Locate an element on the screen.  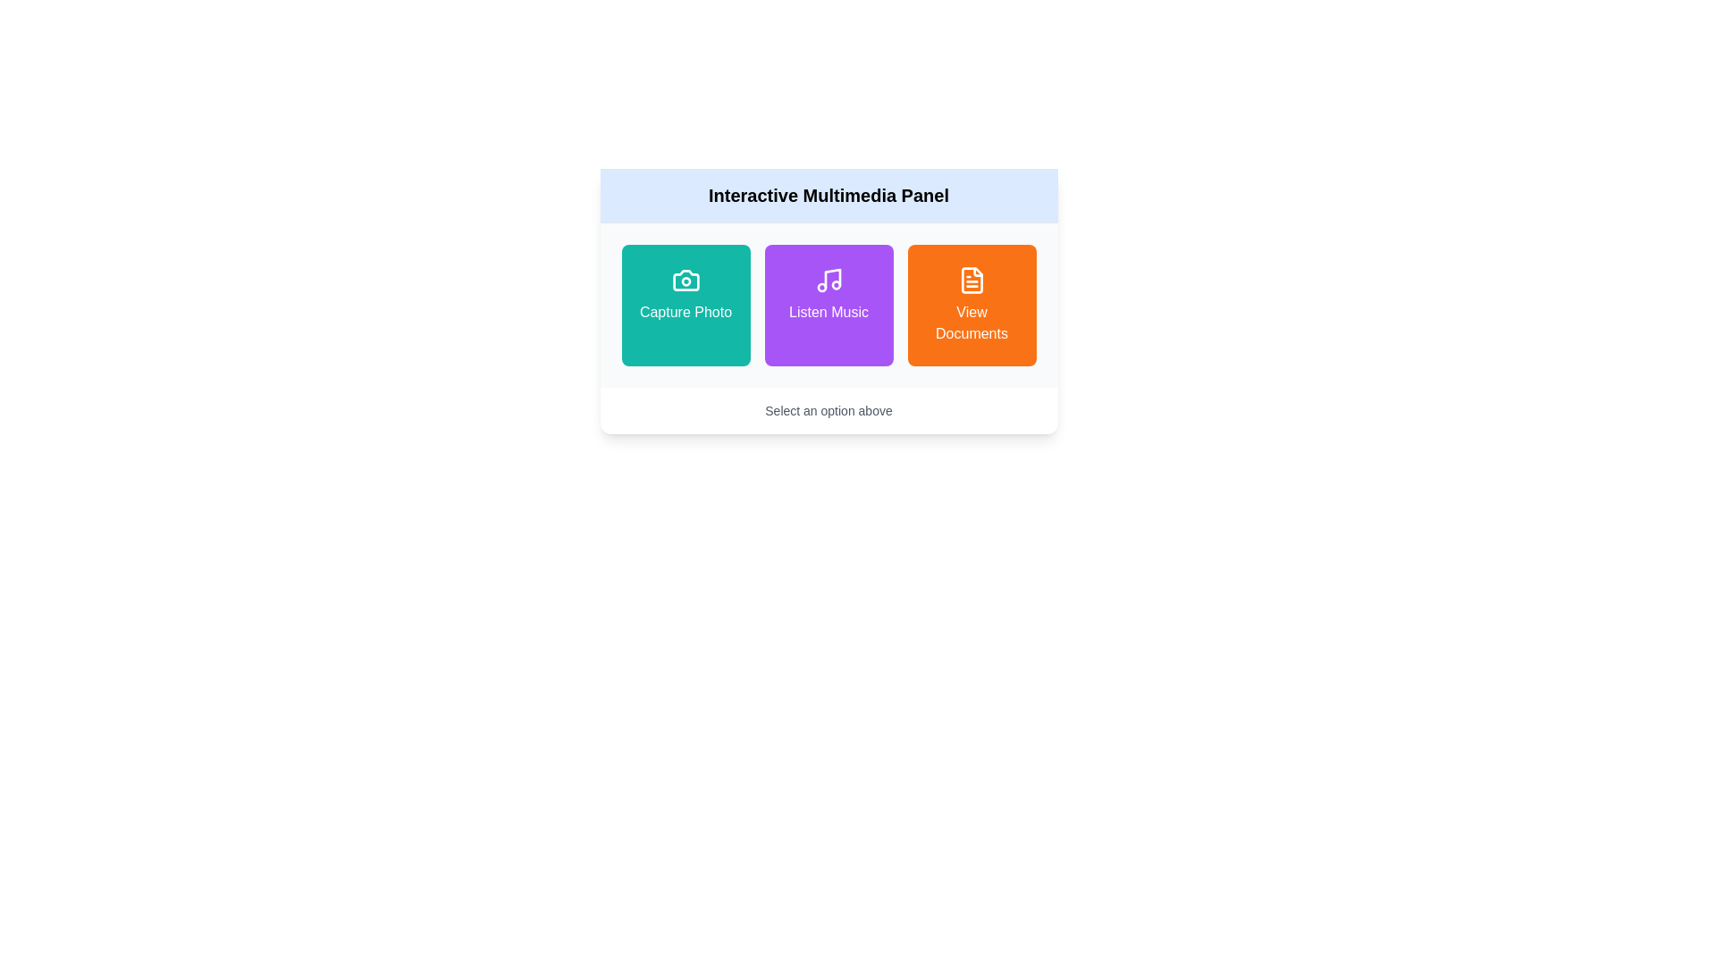
the 'View Documents' button, which is a vibrant orange rectangular button with white text and a file icon is located at coordinates (971, 305).